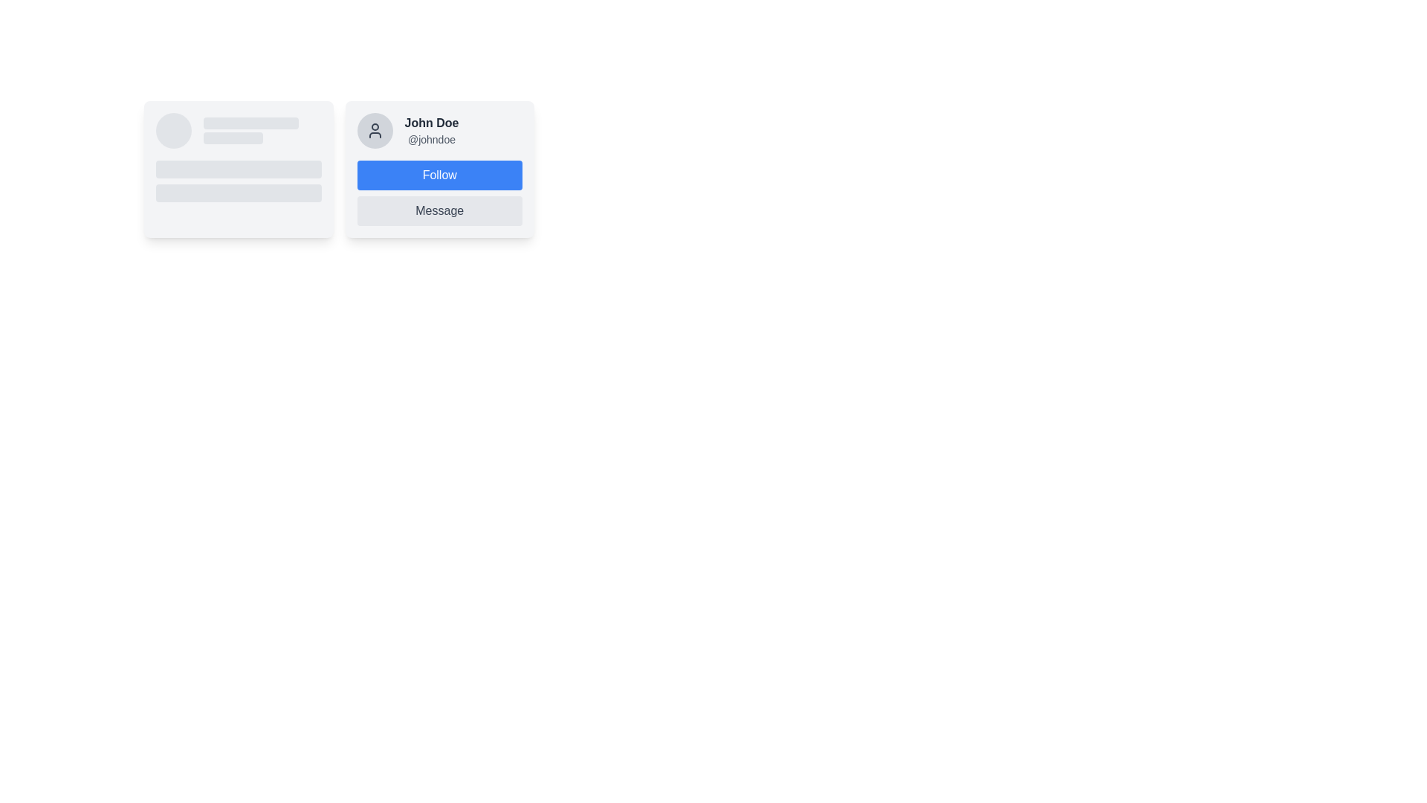 This screenshot has height=803, width=1427. What do you see at coordinates (430, 140) in the screenshot?
I see `the text label '@johndoe', which is styled in a smaller gray font and located within a profile card, directly below 'John Doe'` at bounding box center [430, 140].